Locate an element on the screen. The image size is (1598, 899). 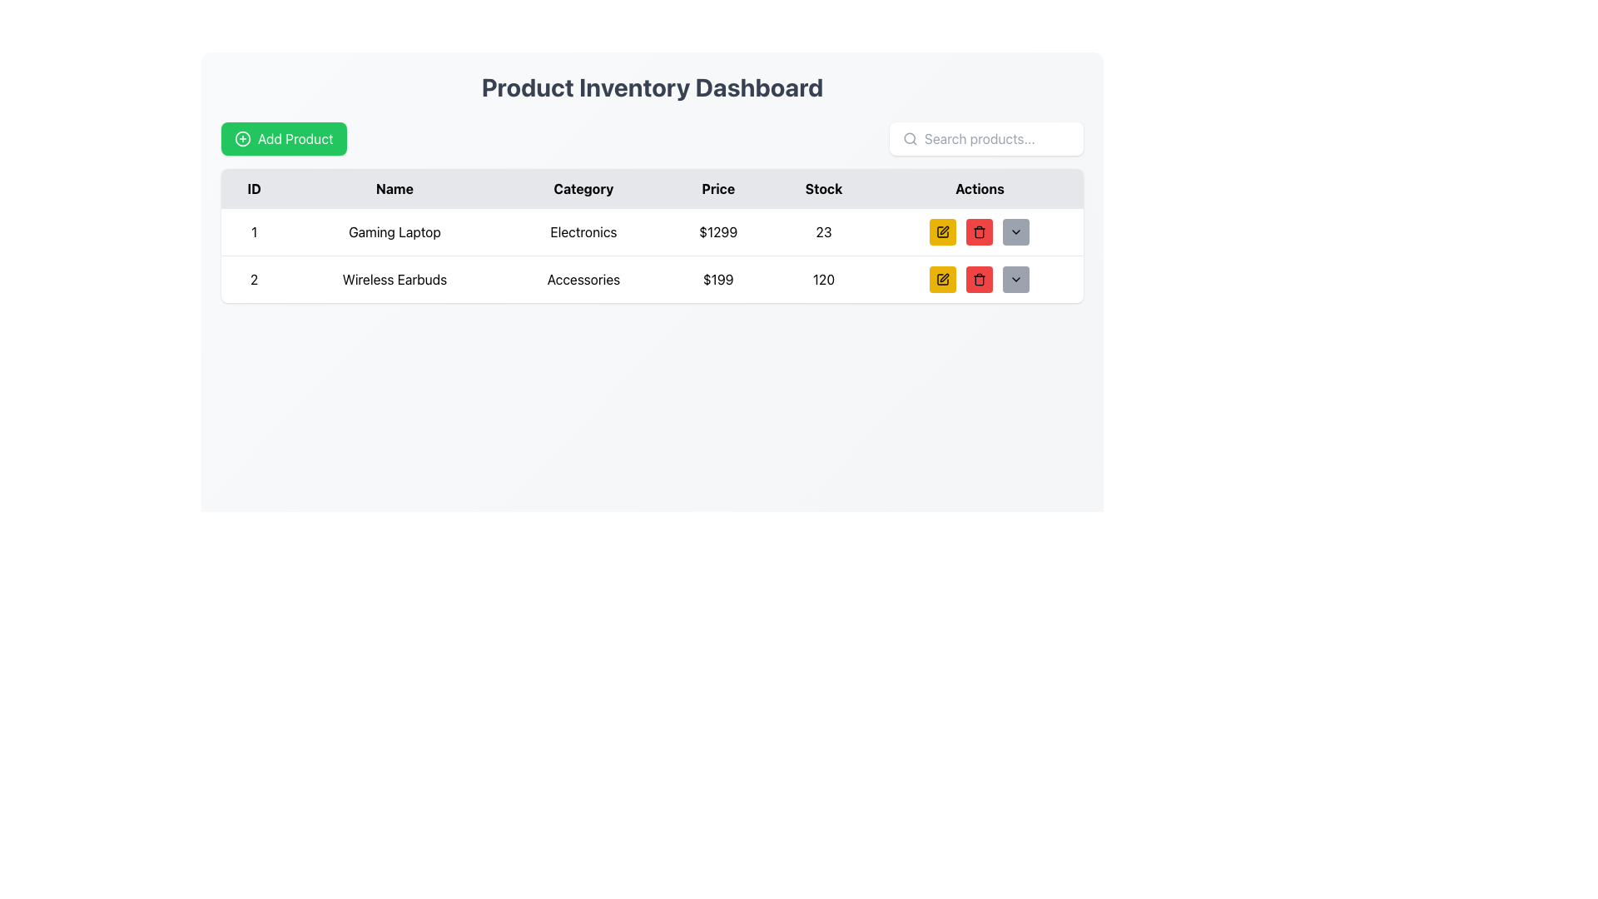
the yellow edit button with a pen icon located in the second row of the table under the 'Actions' column is located at coordinates (943, 278).